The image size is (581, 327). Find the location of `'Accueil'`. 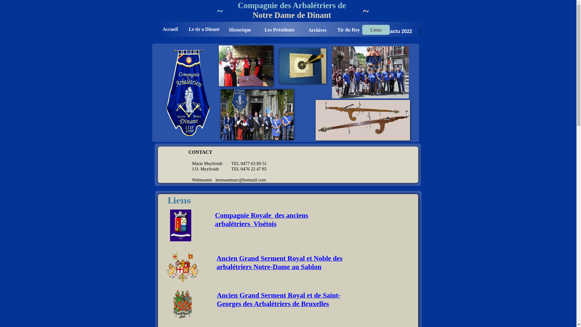

'Accueil' is located at coordinates (170, 29).